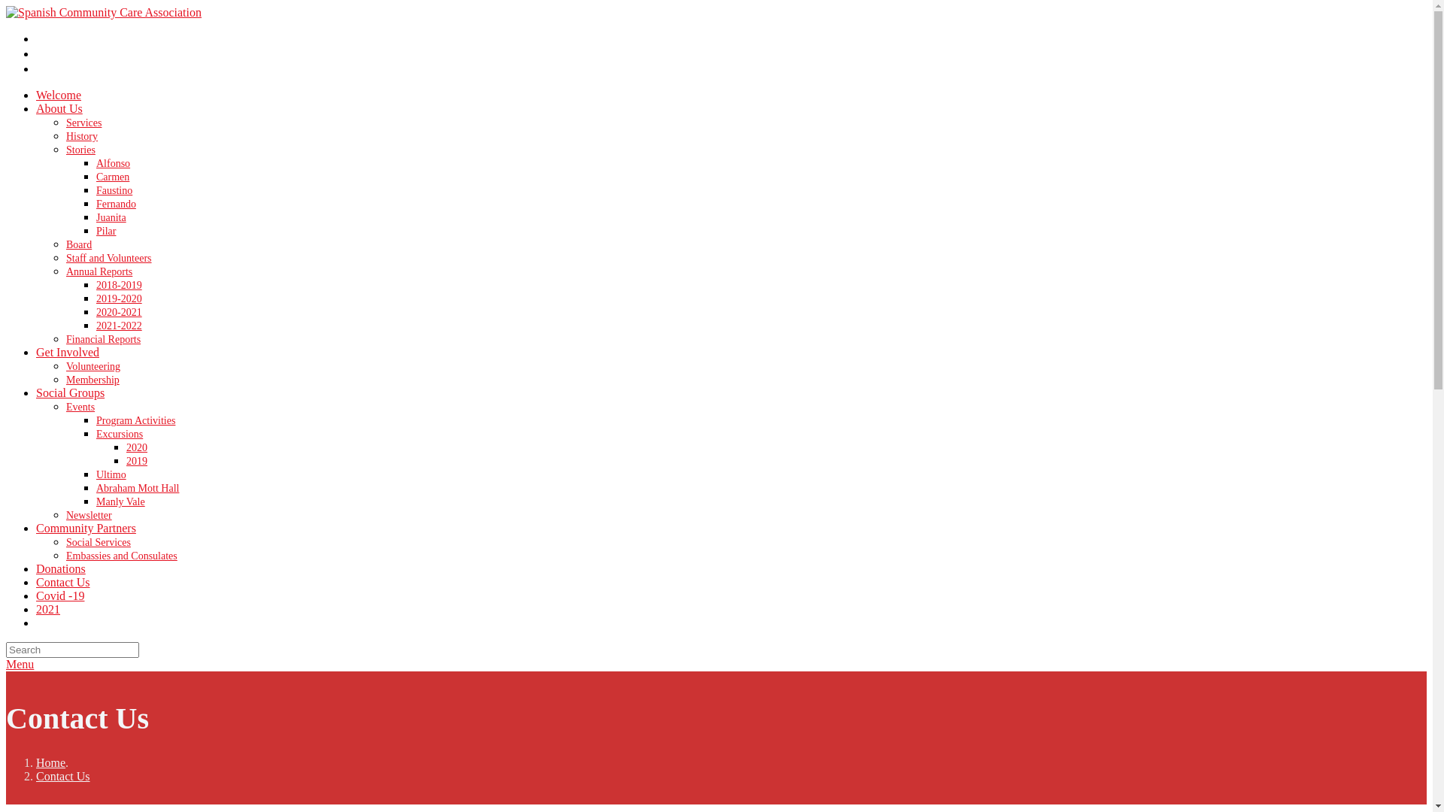  I want to click on 'Contact Us', so click(62, 776).